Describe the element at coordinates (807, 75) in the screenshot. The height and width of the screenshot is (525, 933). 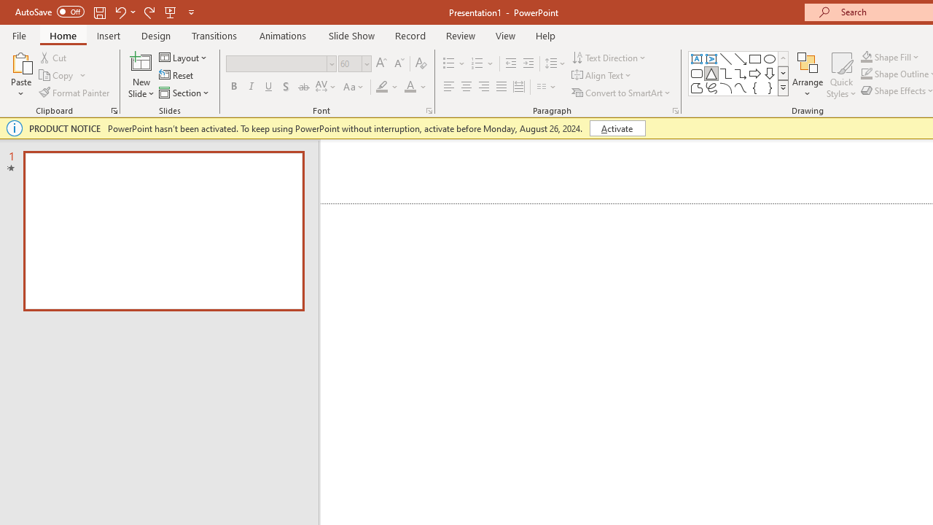
I see `'Arrange'` at that location.